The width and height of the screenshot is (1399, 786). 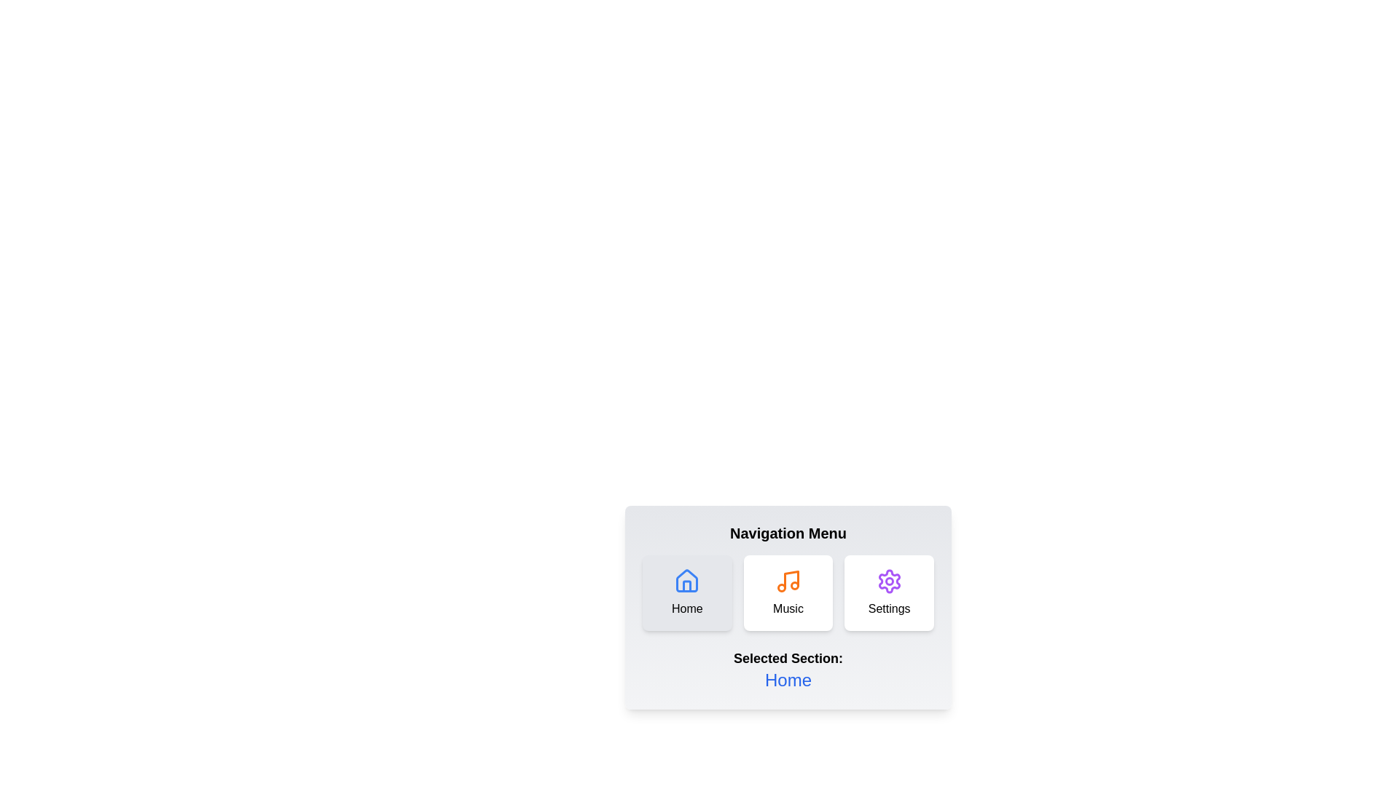 What do you see at coordinates (888, 592) in the screenshot?
I see `the Settings button to observe its hover effect` at bounding box center [888, 592].